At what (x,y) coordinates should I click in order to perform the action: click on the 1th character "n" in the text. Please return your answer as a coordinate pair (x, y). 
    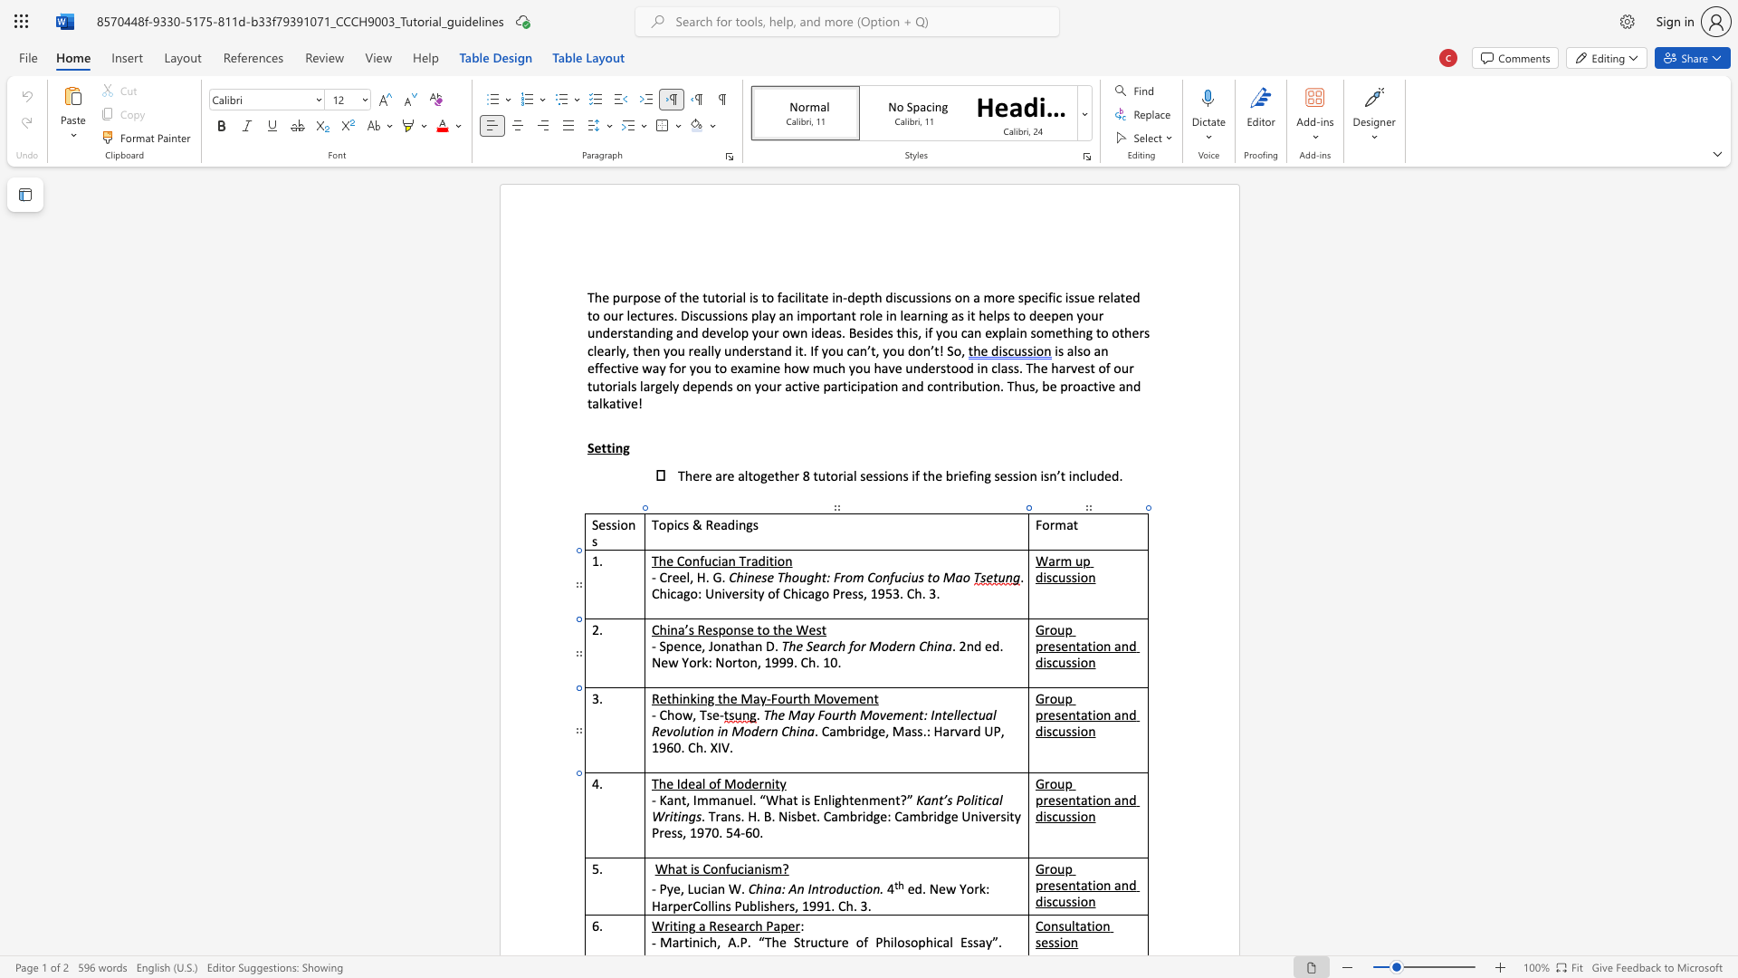
    Looking at the image, I should click on (1072, 714).